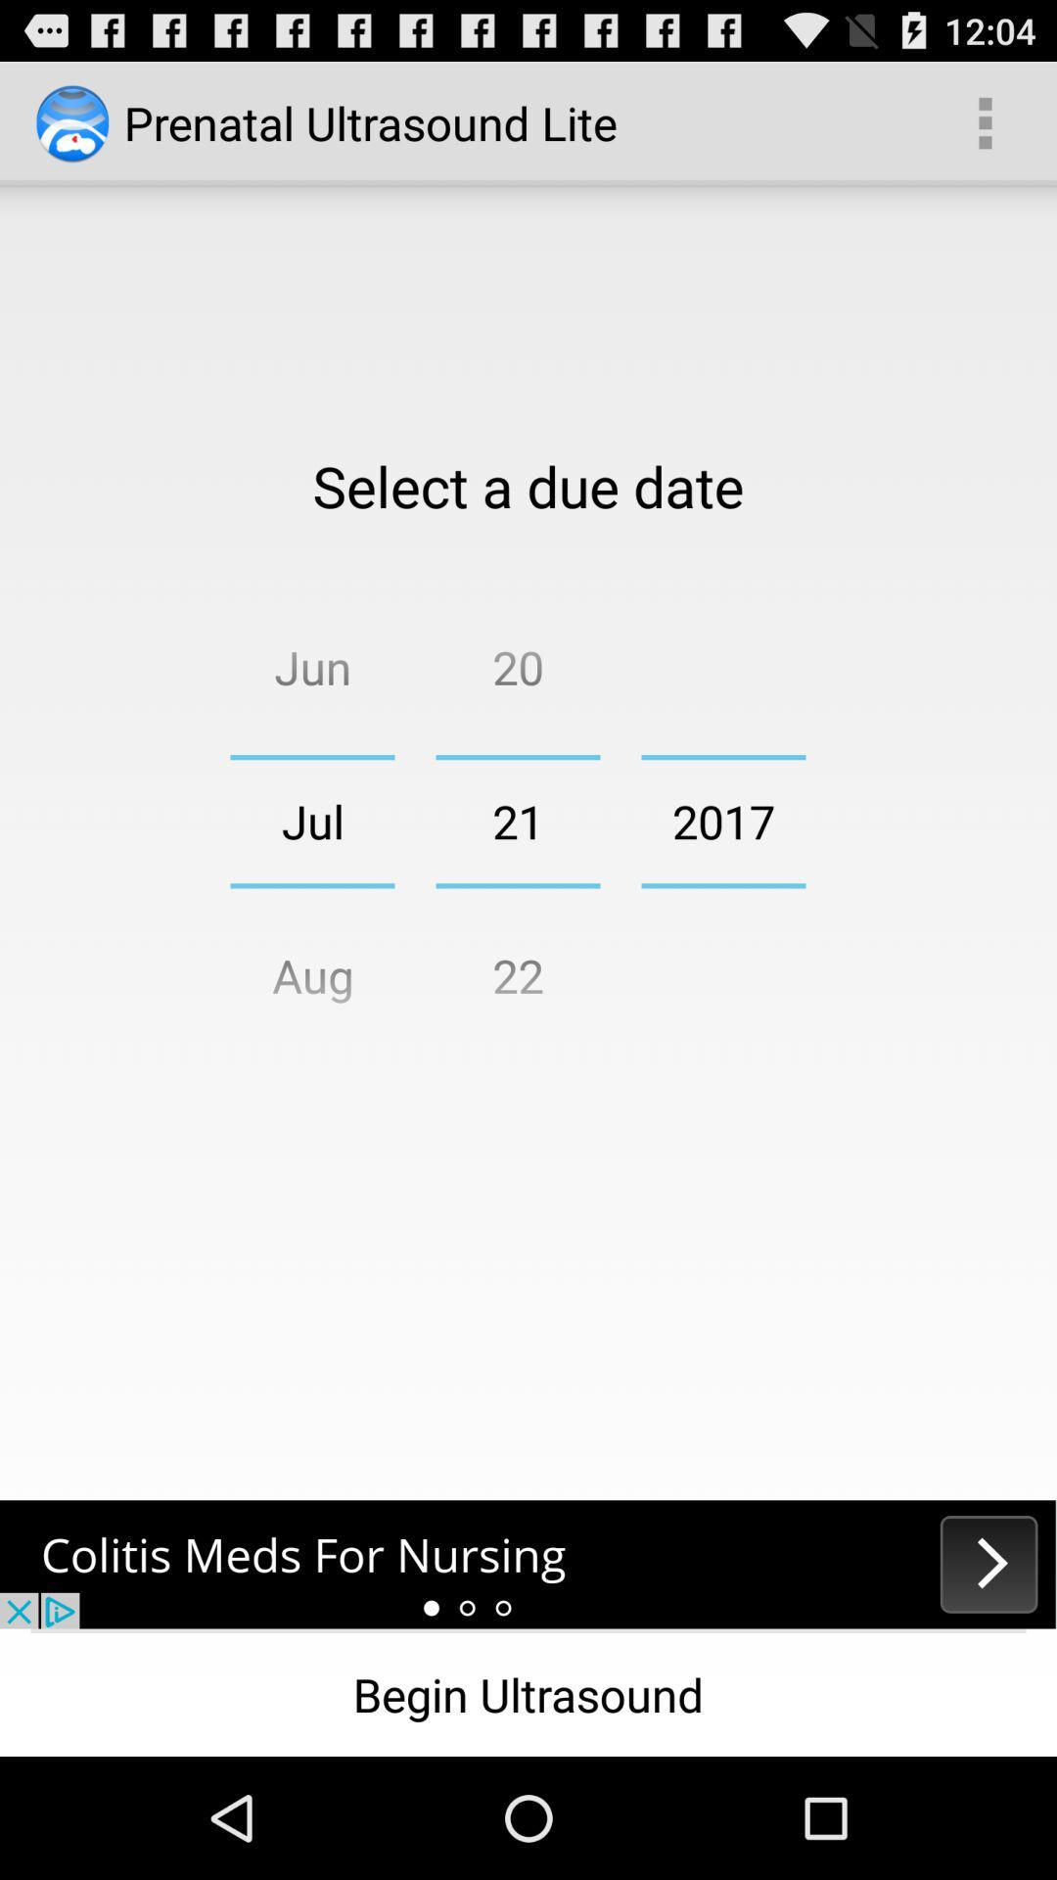 This screenshot has width=1057, height=1880. What do you see at coordinates (528, 1563) in the screenshot?
I see `click arrow button` at bounding box center [528, 1563].